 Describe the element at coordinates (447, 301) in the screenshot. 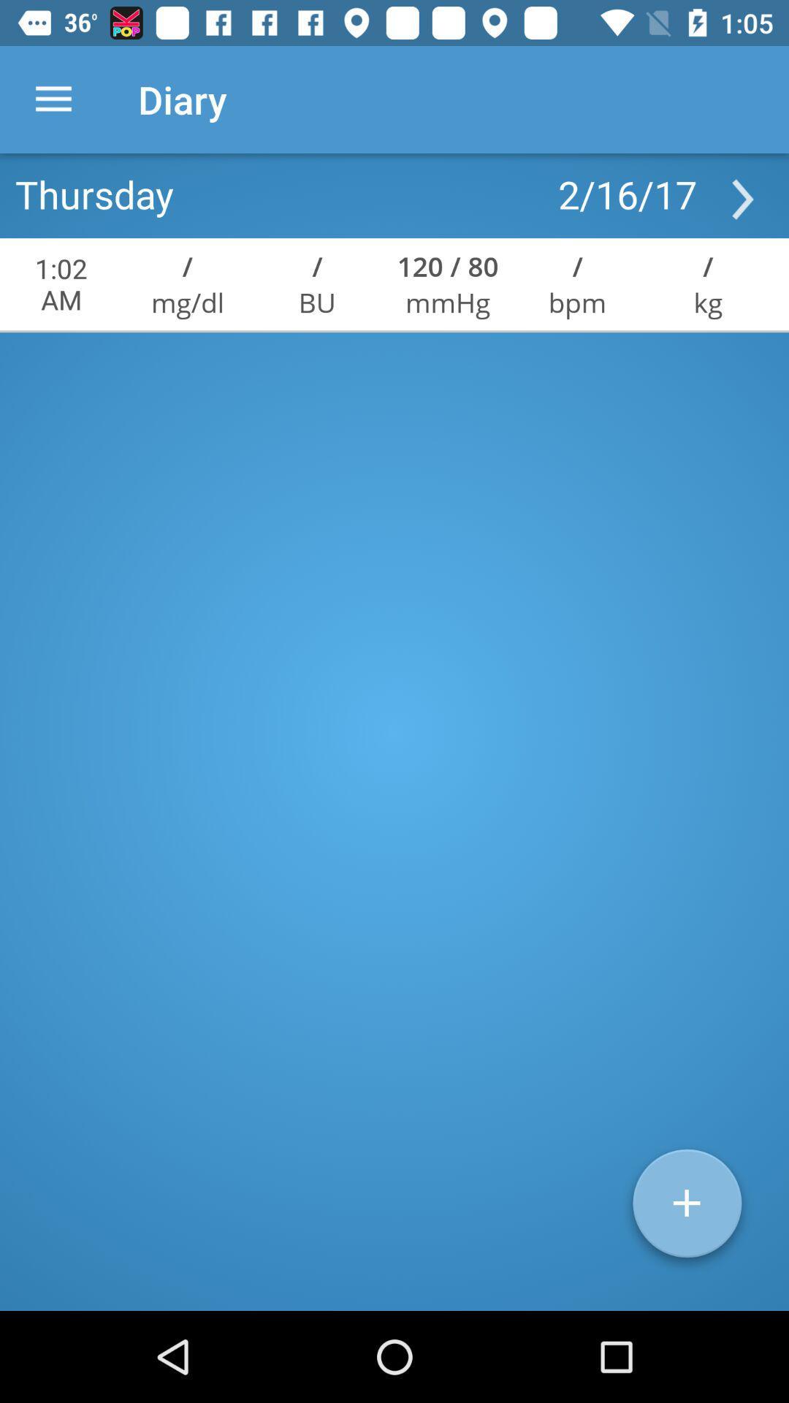

I see `icon next to bpm icon` at that location.